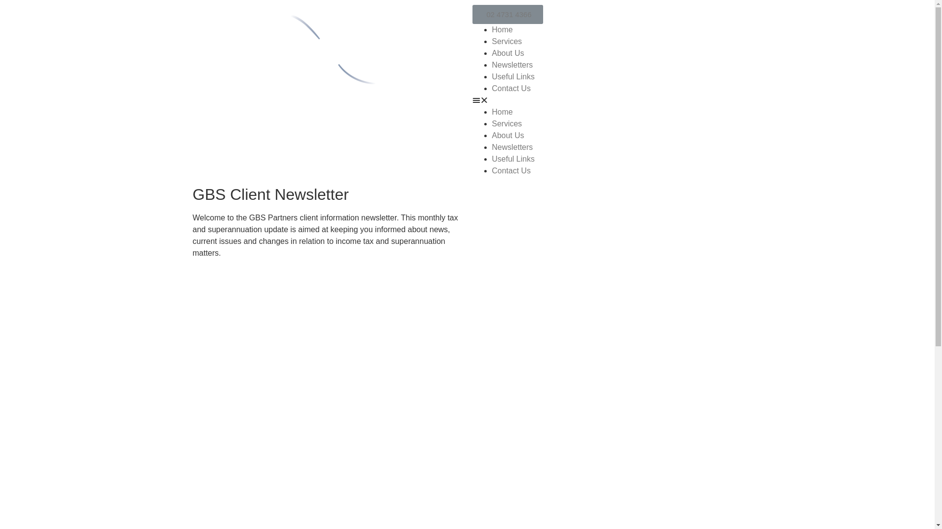 This screenshot has height=529, width=942. What do you see at coordinates (512, 76) in the screenshot?
I see `'Useful Links'` at bounding box center [512, 76].